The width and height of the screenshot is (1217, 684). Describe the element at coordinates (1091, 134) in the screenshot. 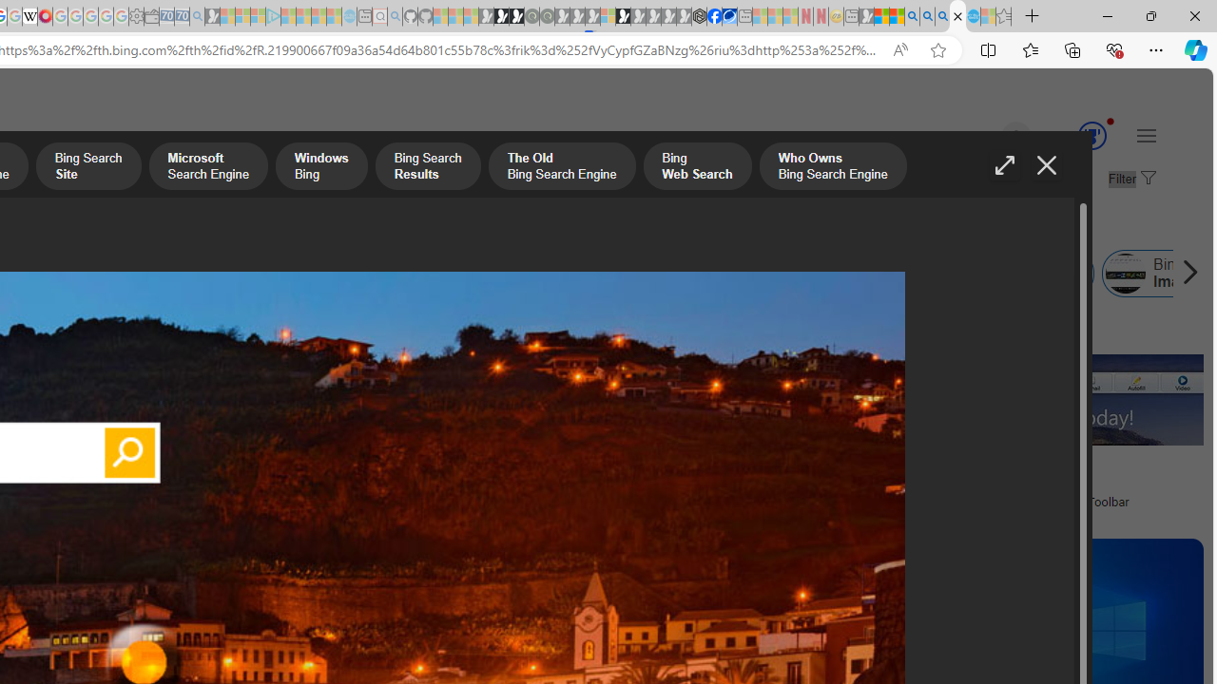

I see `'AutomationID: rh_meter'` at that location.